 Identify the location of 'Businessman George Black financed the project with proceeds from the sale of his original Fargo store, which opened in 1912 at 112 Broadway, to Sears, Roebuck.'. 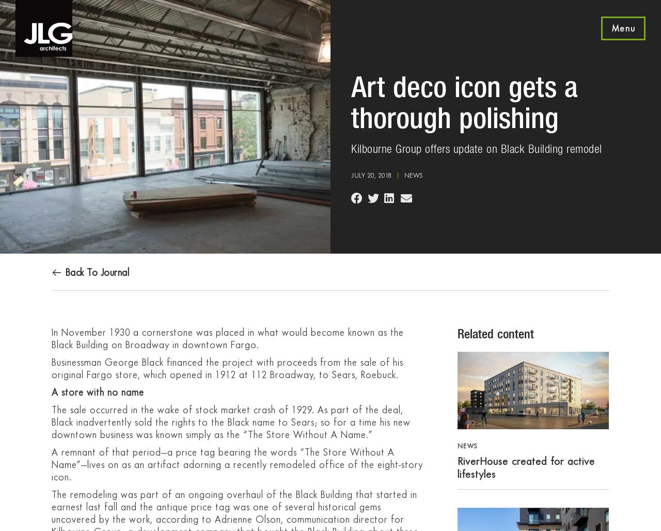
(227, 368).